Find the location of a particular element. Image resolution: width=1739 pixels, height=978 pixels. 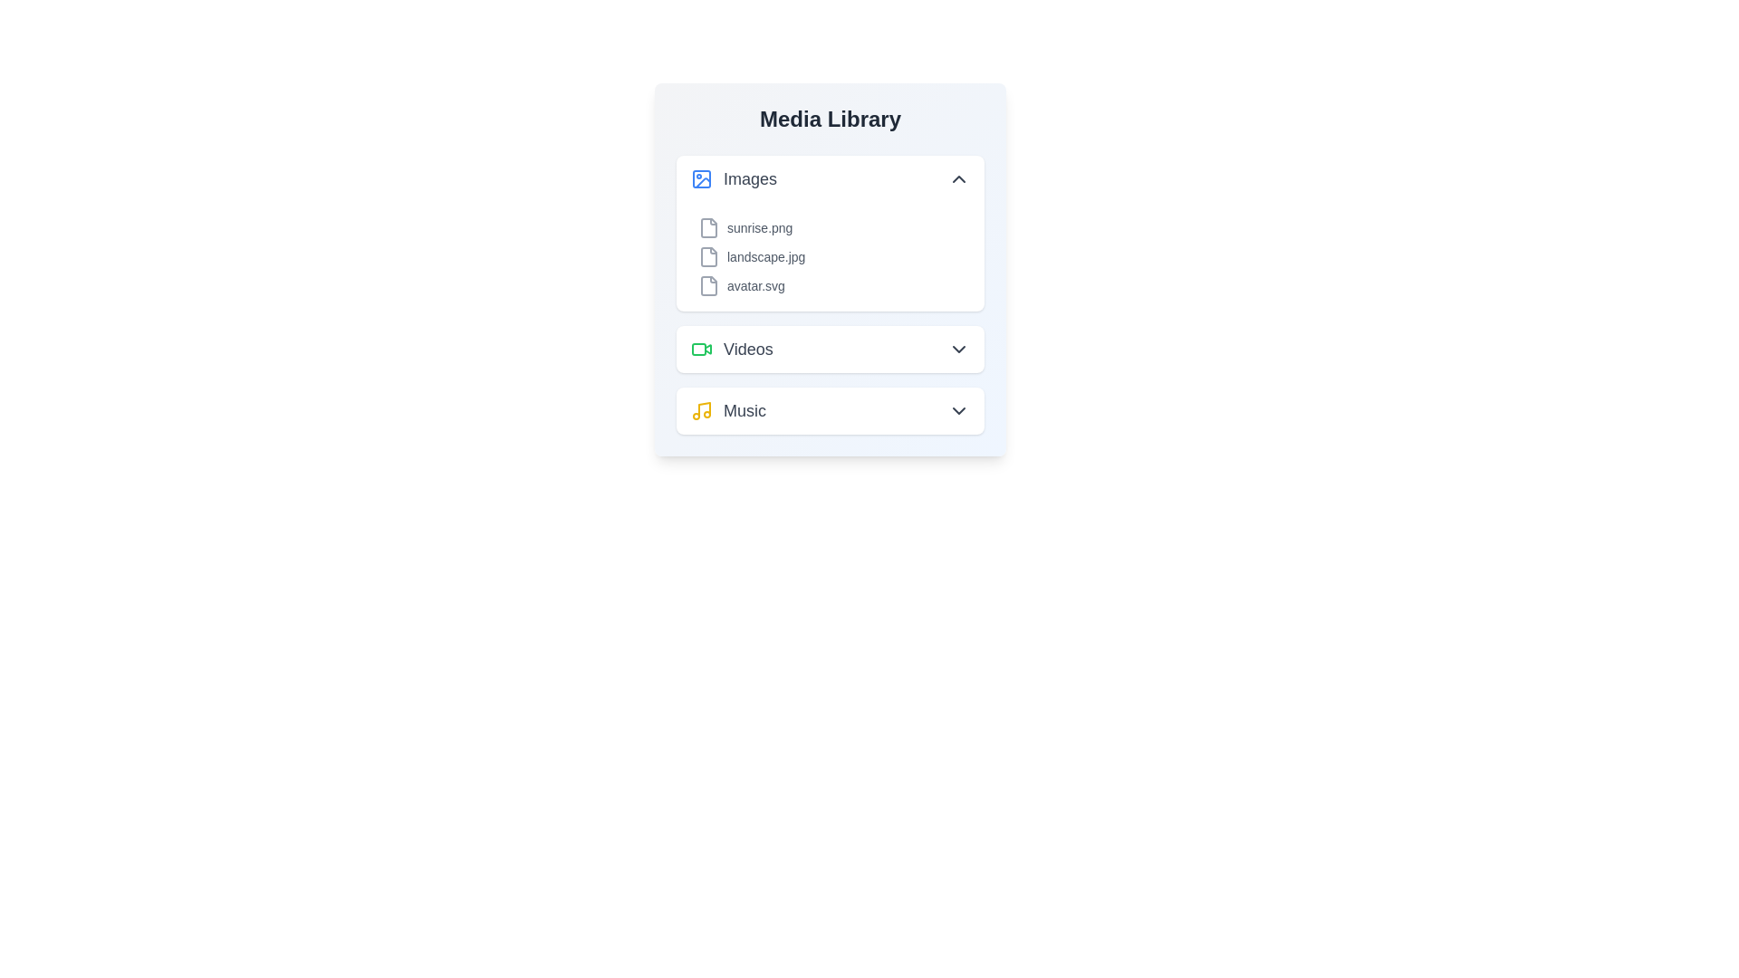

the text label displaying 'avatar.svg' is located at coordinates (755, 285).